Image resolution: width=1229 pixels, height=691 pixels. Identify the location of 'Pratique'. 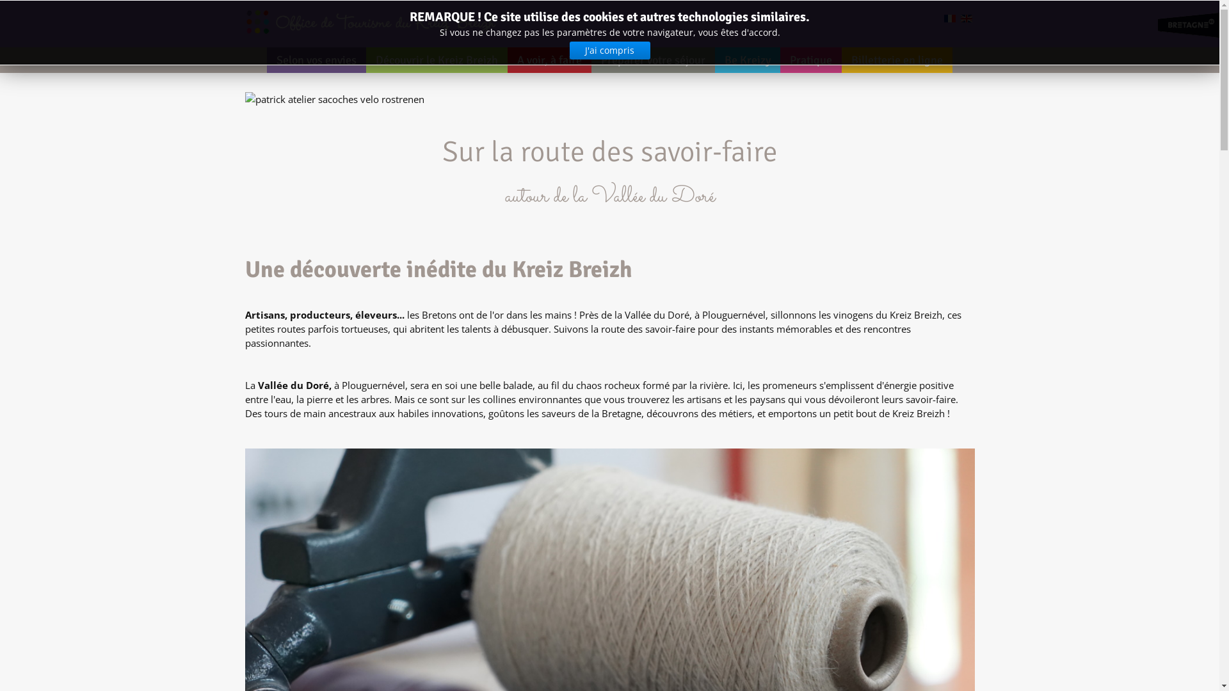
(810, 60).